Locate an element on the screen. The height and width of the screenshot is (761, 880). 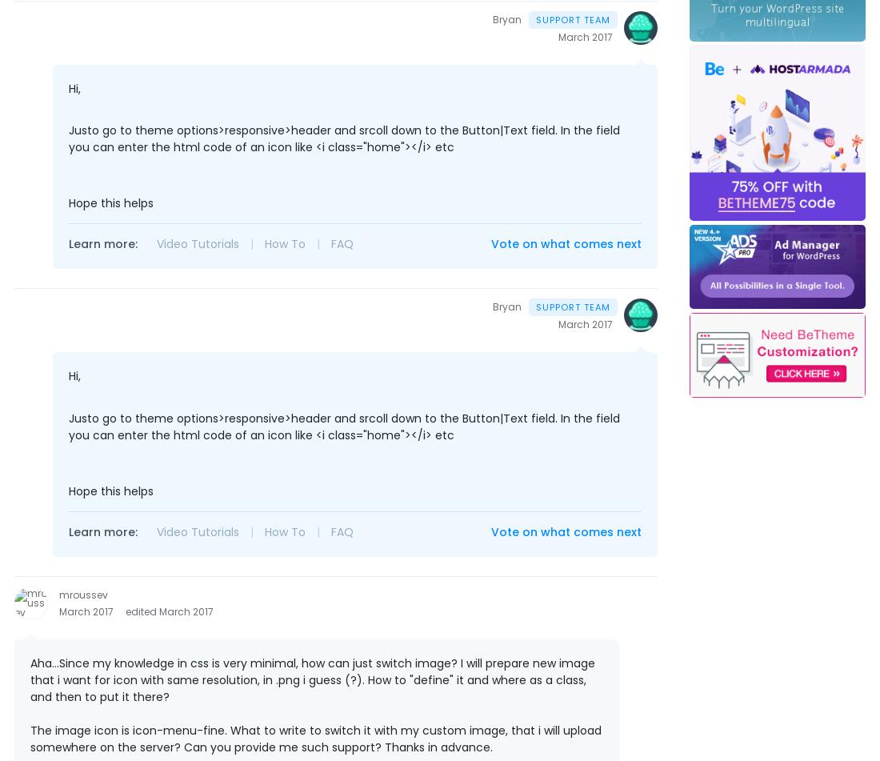
'Aha...Since my knowledge in css is very minimal, how can just switch image? I will prepare new image that i want for icon with same resolution, in .png i guess (?). How to "define" it and where as a class, and then to put it there?' is located at coordinates (313, 678).